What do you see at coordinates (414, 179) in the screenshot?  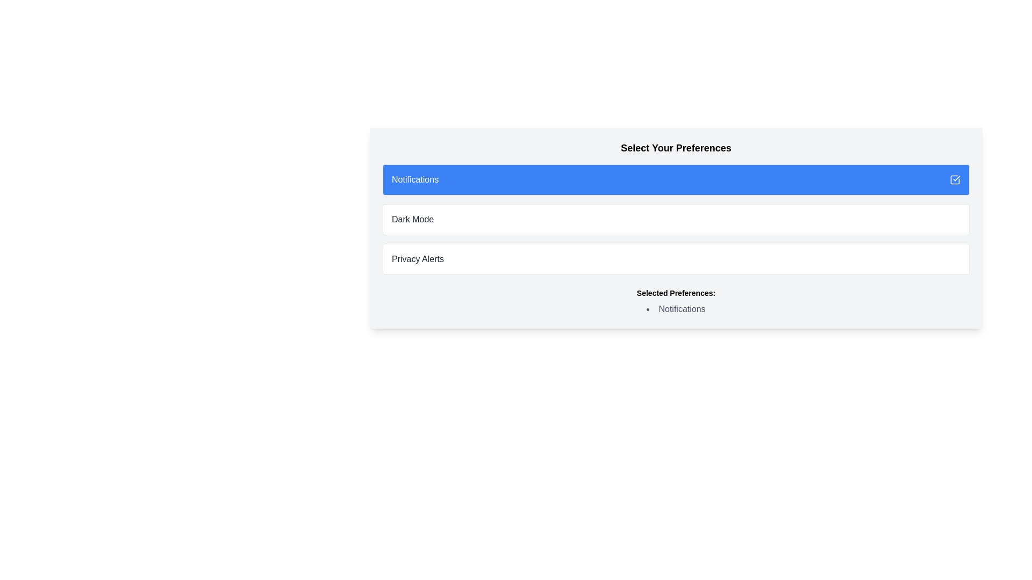 I see `the 'Notifications' text label` at bounding box center [414, 179].